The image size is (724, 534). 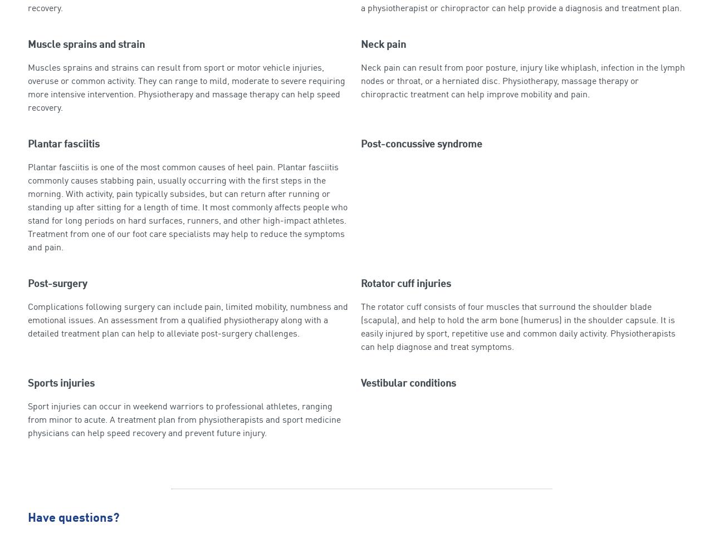 I want to click on 'Plantar fasciitis', so click(x=63, y=144).